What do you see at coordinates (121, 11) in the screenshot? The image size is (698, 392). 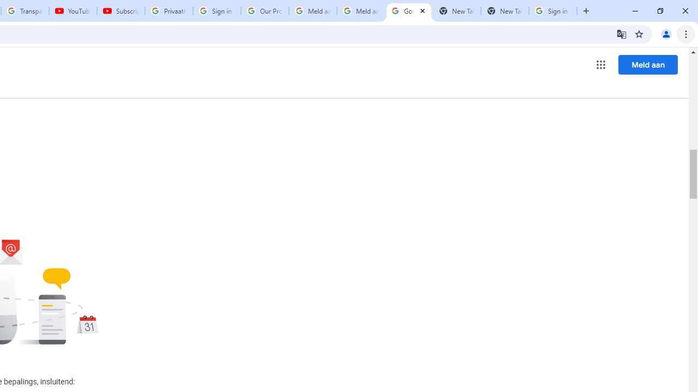 I see `'Subscriptions - YouTube'` at bounding box center [121, 11].